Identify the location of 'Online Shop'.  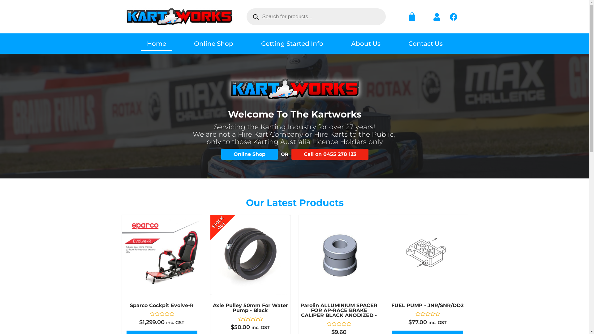
(249, 154).